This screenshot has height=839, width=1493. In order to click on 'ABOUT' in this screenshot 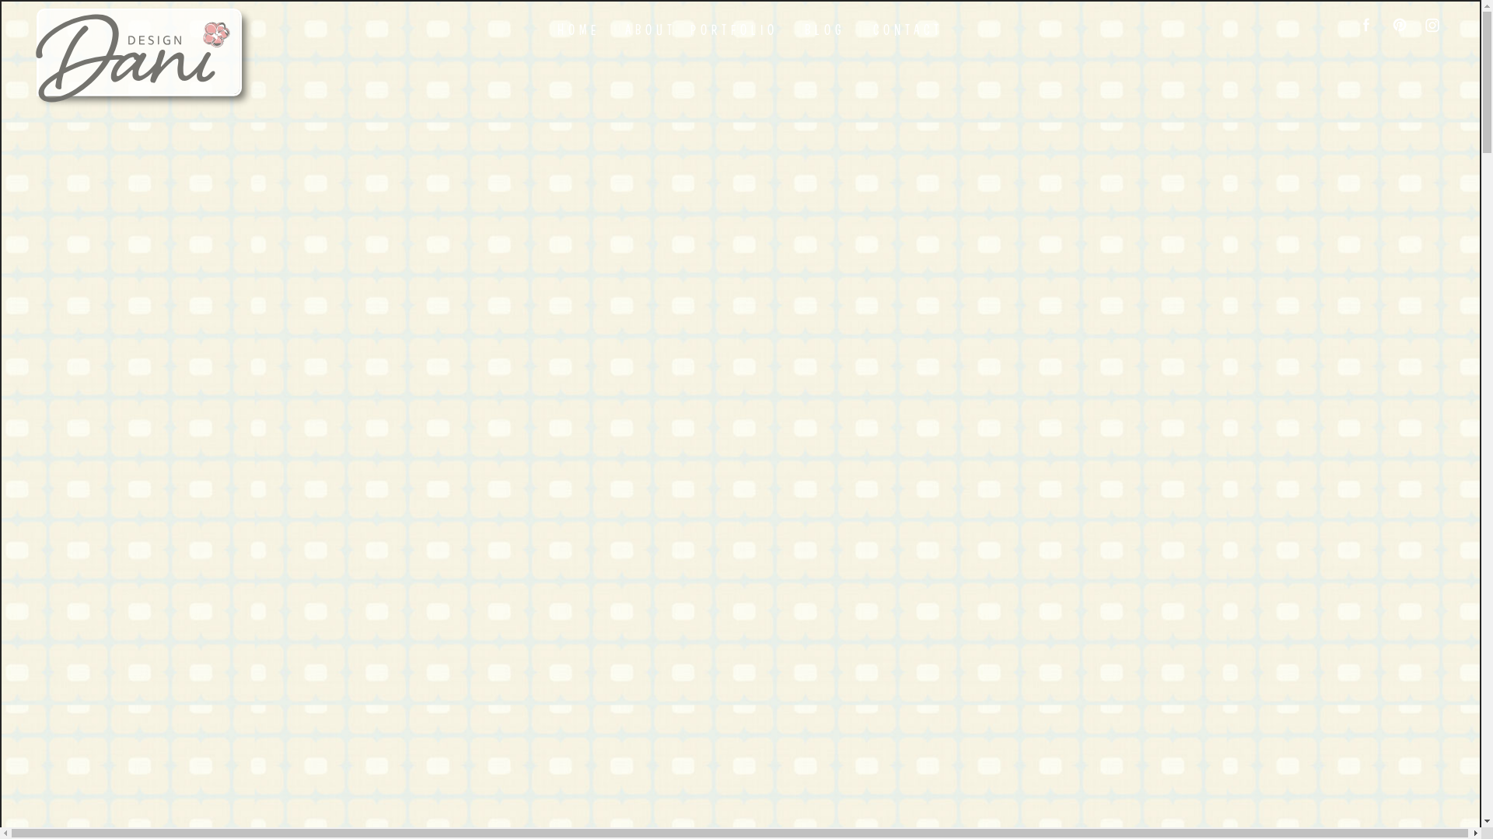, I will do `click(650, 30)`.